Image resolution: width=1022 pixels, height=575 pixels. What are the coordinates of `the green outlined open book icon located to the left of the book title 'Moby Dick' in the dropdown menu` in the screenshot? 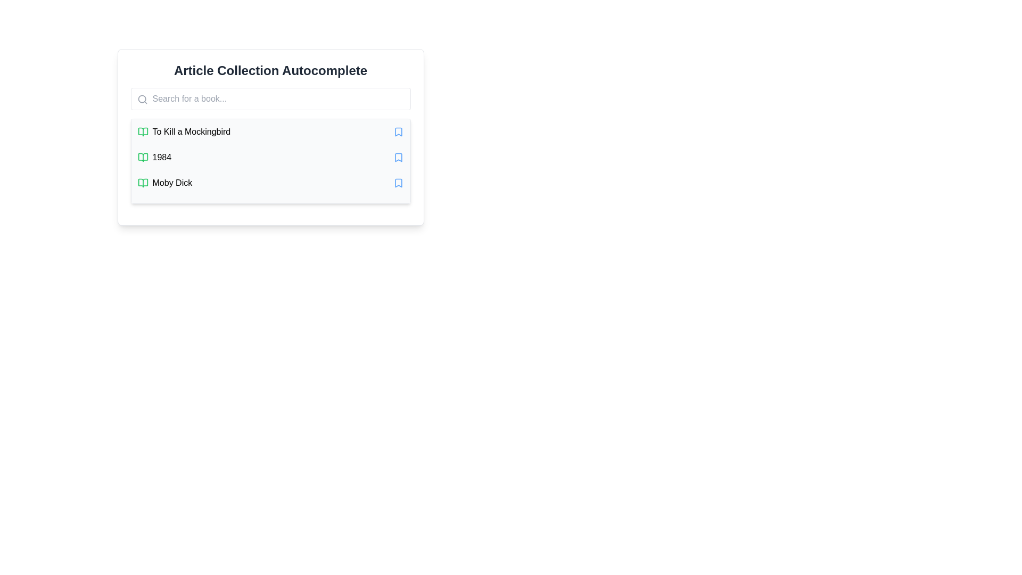 It's located at (142, 182).